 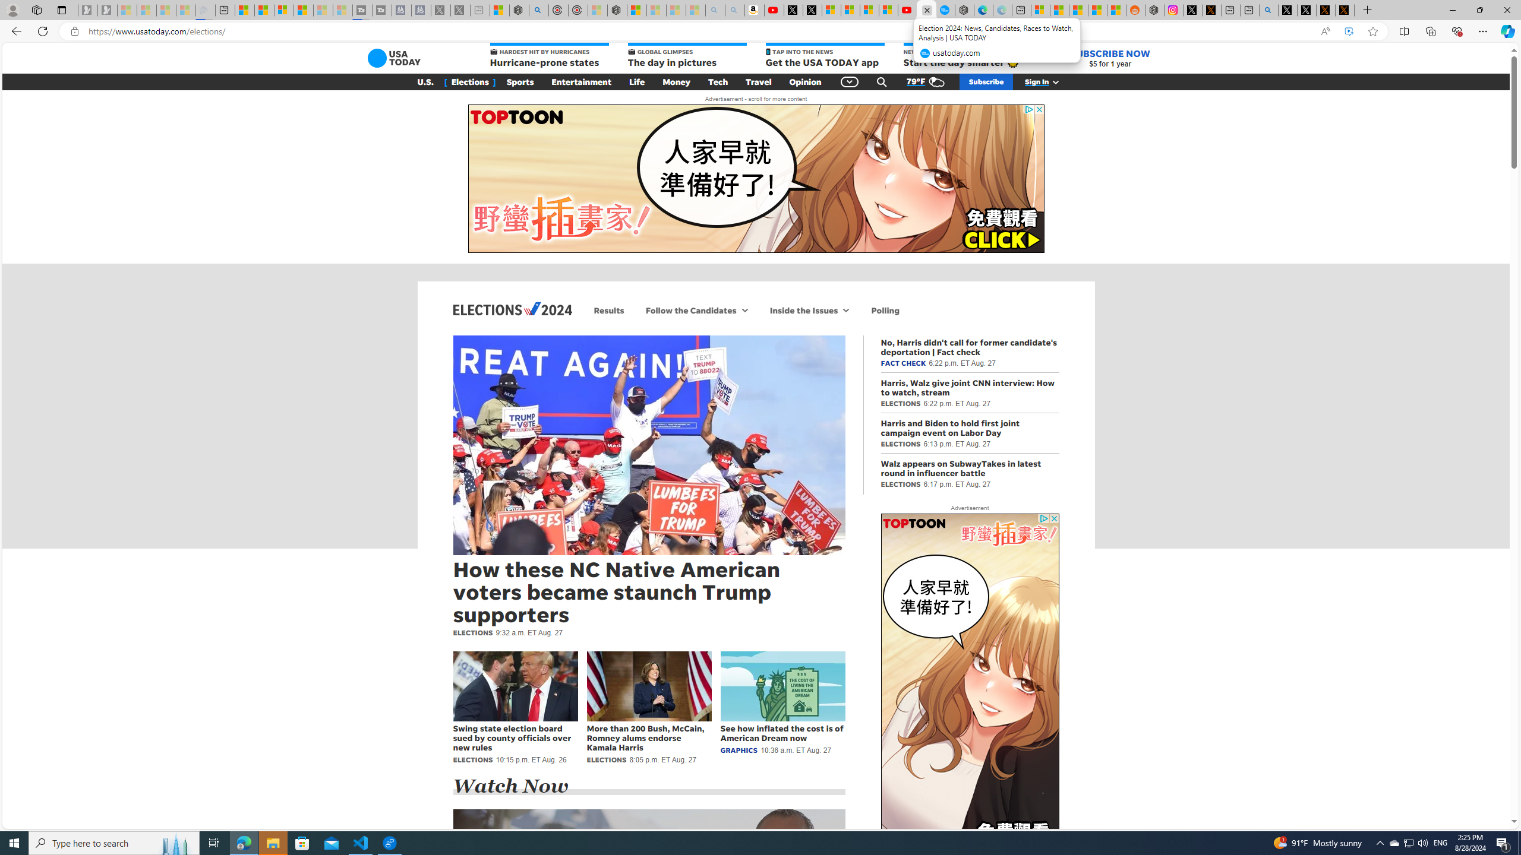 I want to click on 'Enhance video', so click(x=1349, y=31).